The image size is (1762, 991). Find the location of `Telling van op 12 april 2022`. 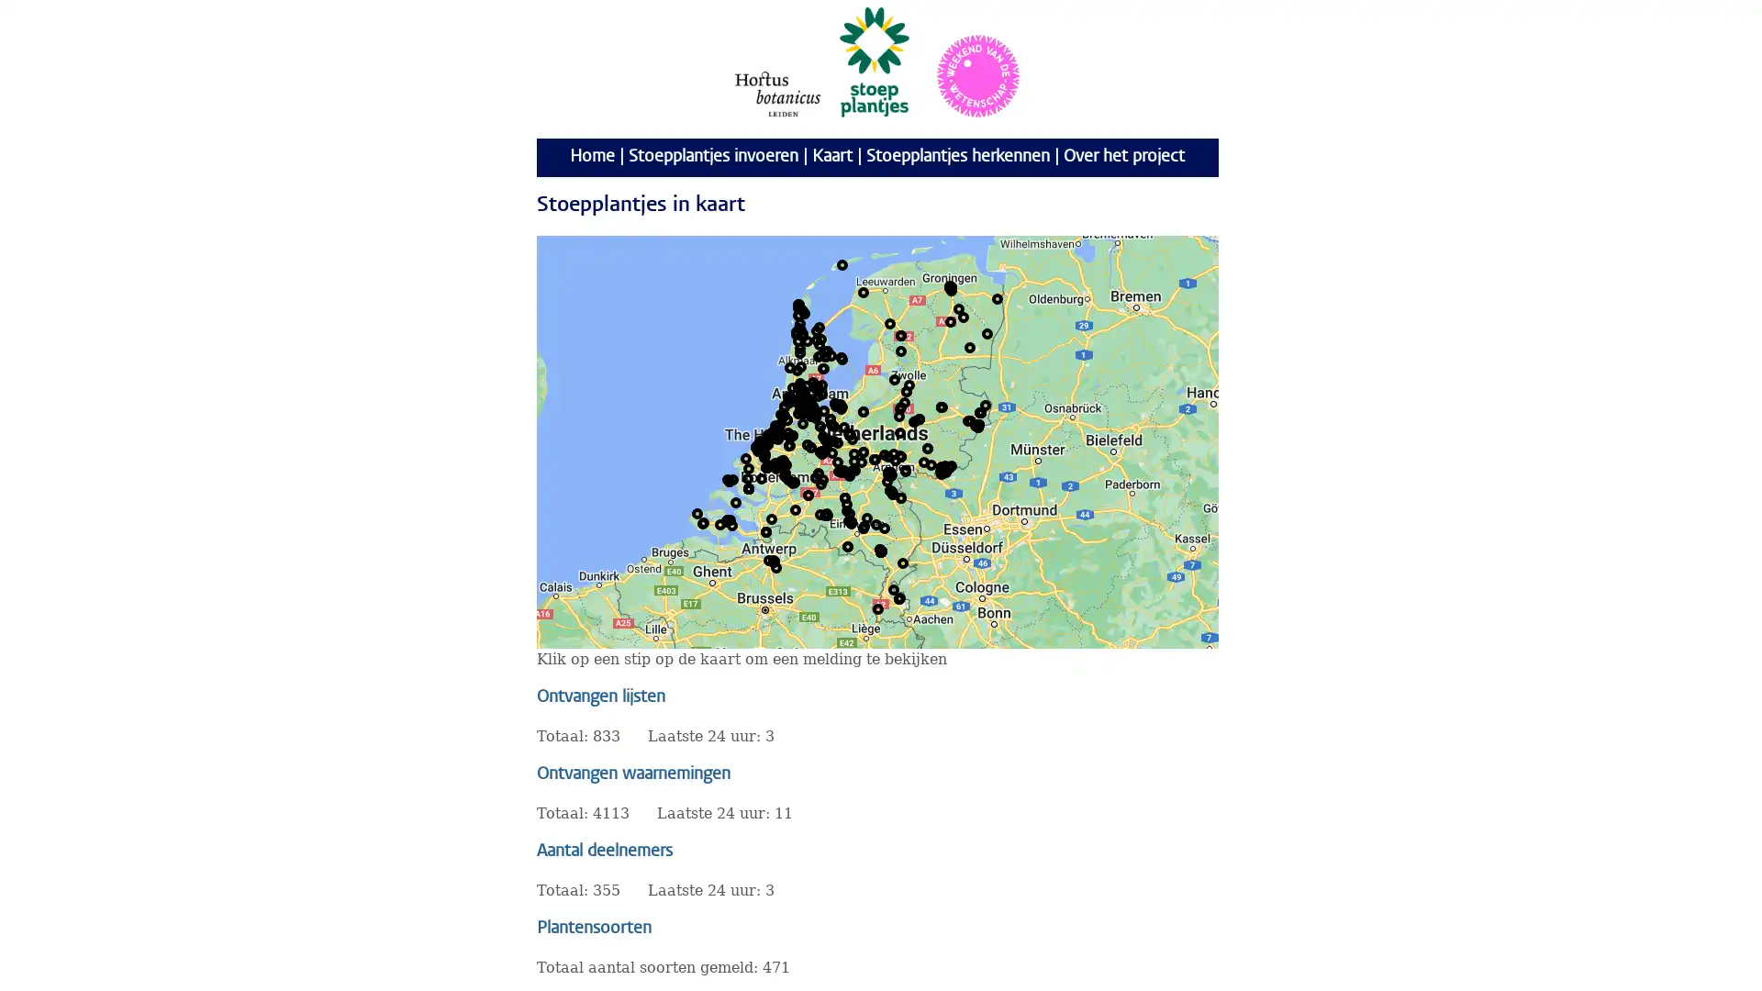

Telling van op 12 april 2022 is located at coordinates (761, 445).